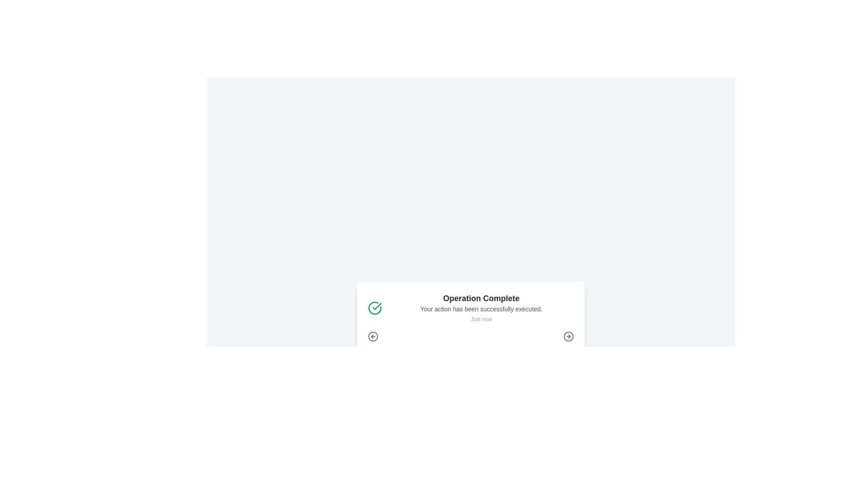  What do you see at coordinates (568, 337) in the screenshot?
I see `the forward navigation button located at the bottom-right corner of the dialog box, which is used for proceeding to the next step or confirming the operation` at bounding box center [568, 337].